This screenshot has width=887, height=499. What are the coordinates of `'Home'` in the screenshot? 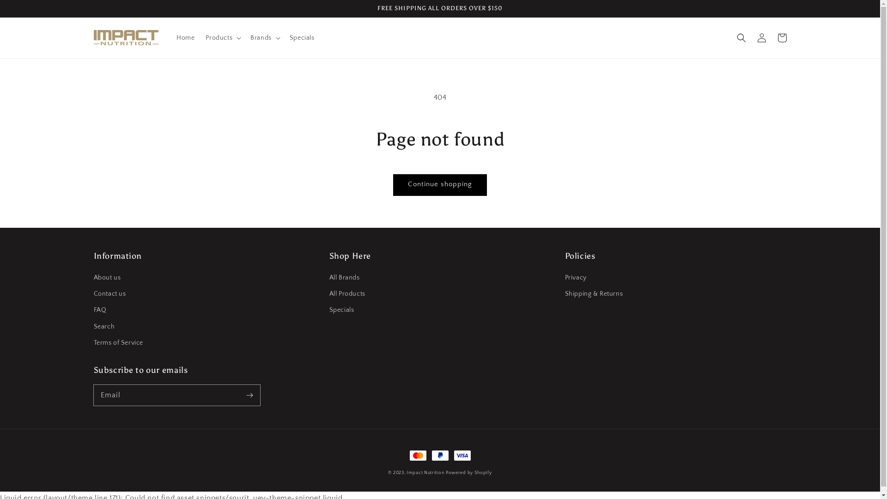 It's located at (170, 37).